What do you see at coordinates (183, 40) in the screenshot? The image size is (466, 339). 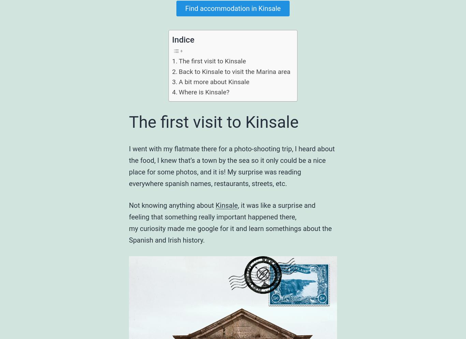 I see `'Indice'` at bounding box center [183, 40].